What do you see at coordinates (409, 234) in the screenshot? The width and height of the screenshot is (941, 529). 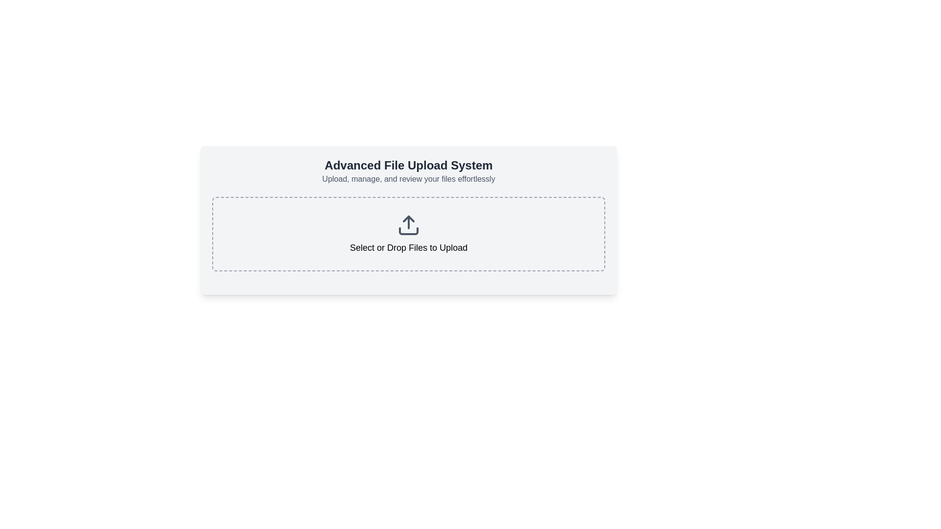 I see `the Interactive file upload box located under the 'Advanced File Upload System' heading` at bounding box center [409, 234].